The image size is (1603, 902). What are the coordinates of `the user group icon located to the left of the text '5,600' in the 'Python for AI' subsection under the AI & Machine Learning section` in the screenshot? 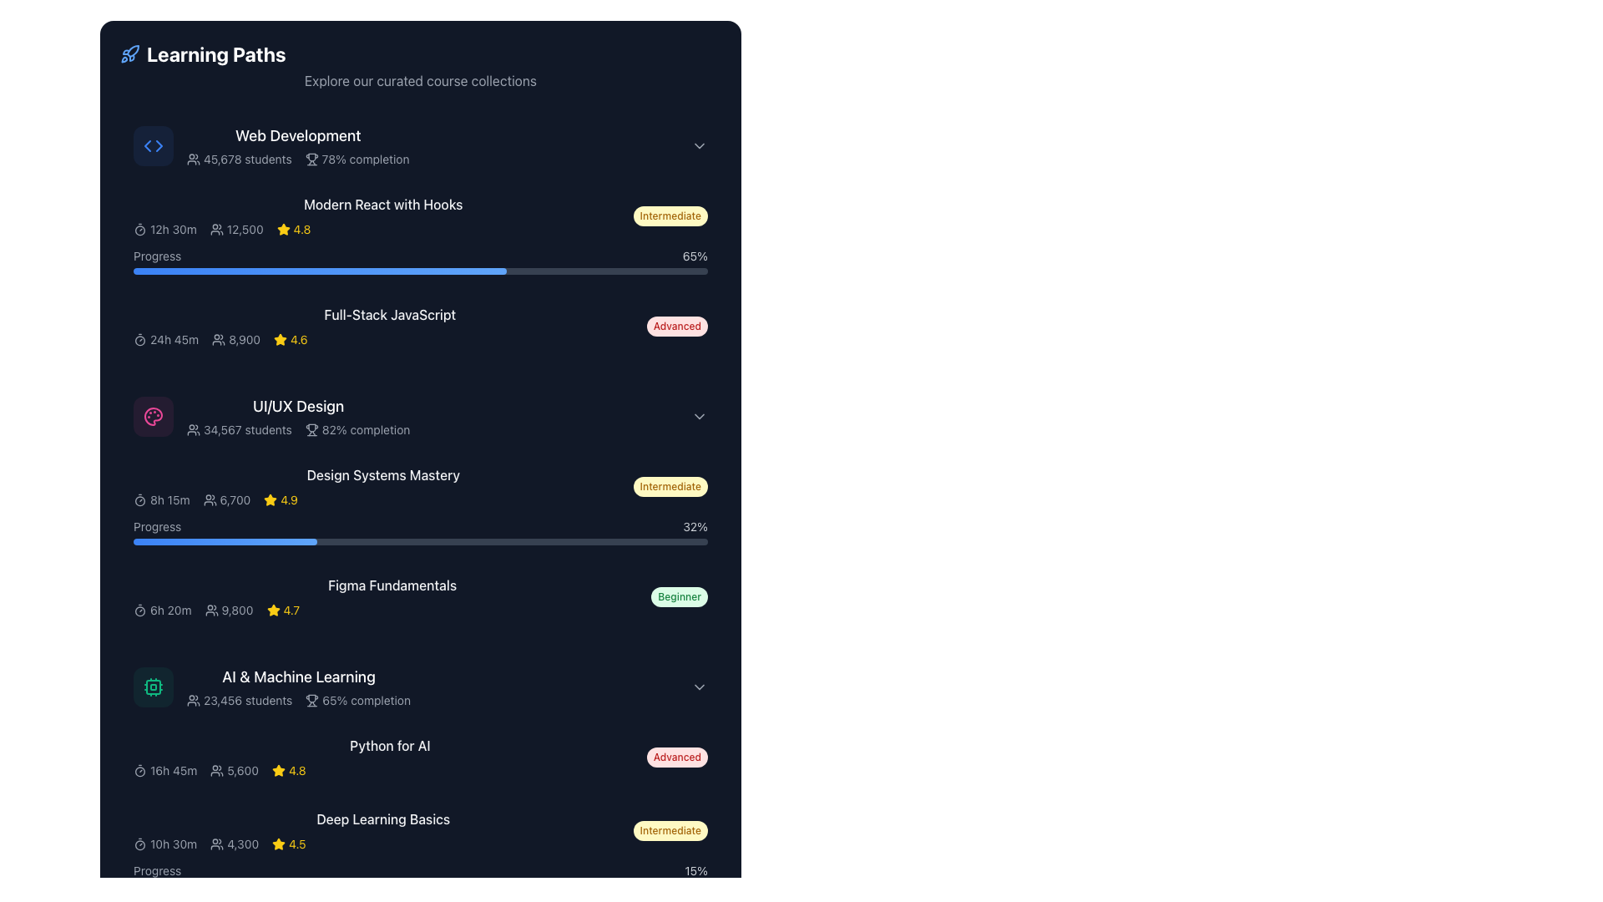 It's located at (216, 770).